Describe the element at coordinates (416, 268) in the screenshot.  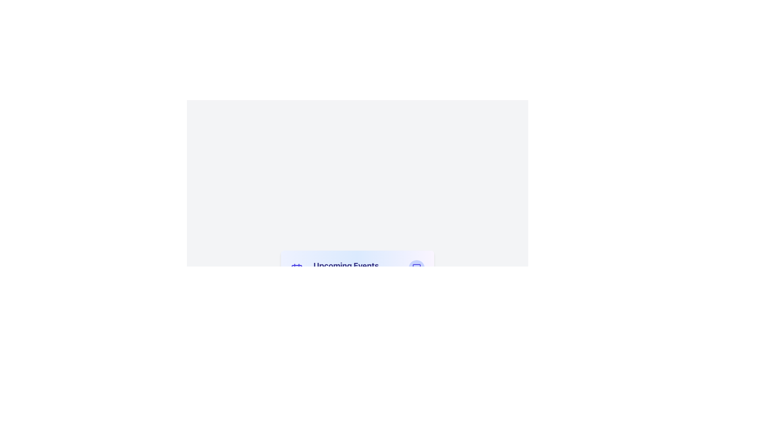
I see `the circular Icon button with a light indigo background and dark indigo message icon, located to the right of the 'Upcoming Events' text block, to potentially reveal more information` at that location.